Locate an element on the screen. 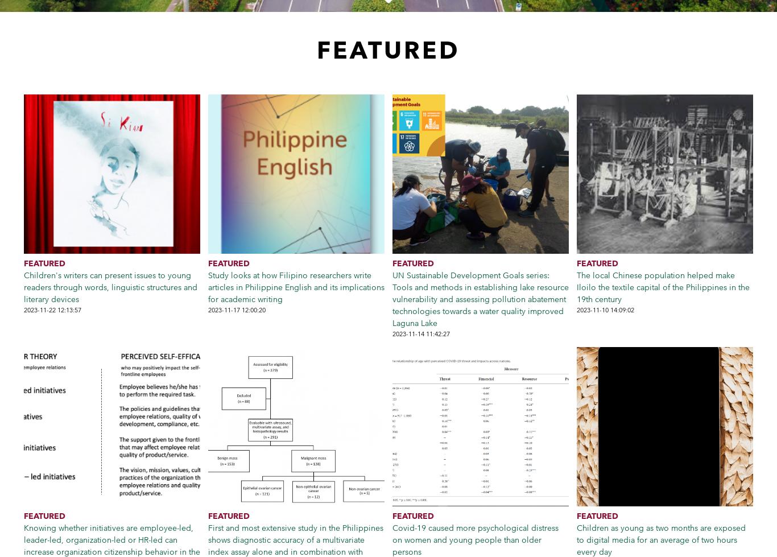 The width and height of the screenshot is (777, 557). 'UN Sustainable Development Goals series: Tools and methods in establishing lake resource vulnerability and assessing pollution abatement technologies towards a water quality improved Laguna Lake' is located at coordinates (480, 299).